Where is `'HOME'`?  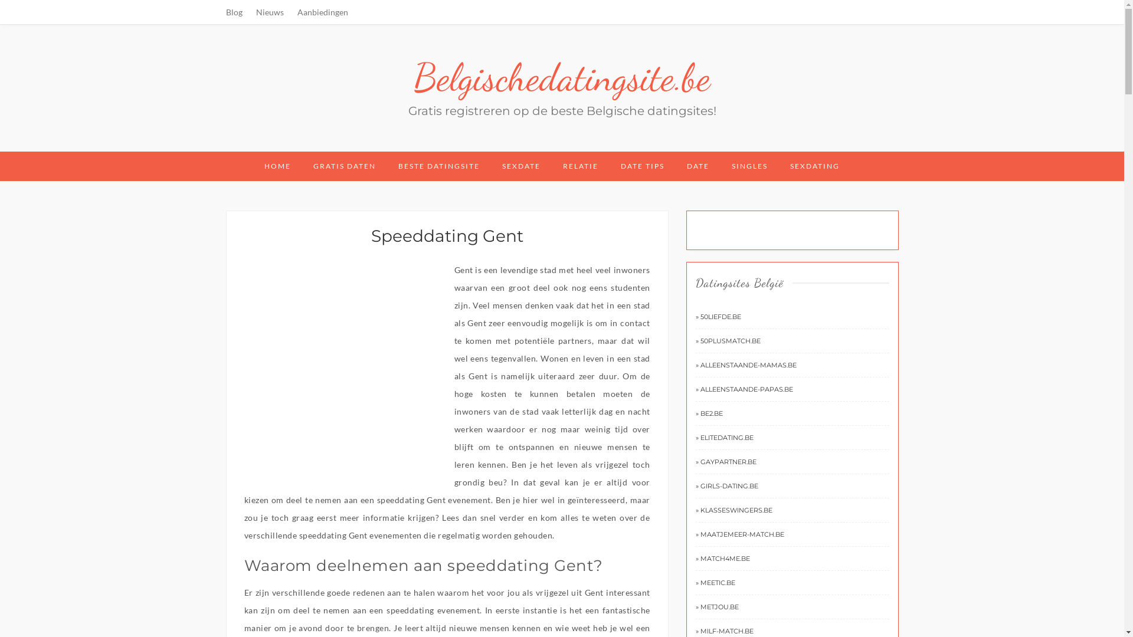
'HOME' is located at coordinates (277, 166).